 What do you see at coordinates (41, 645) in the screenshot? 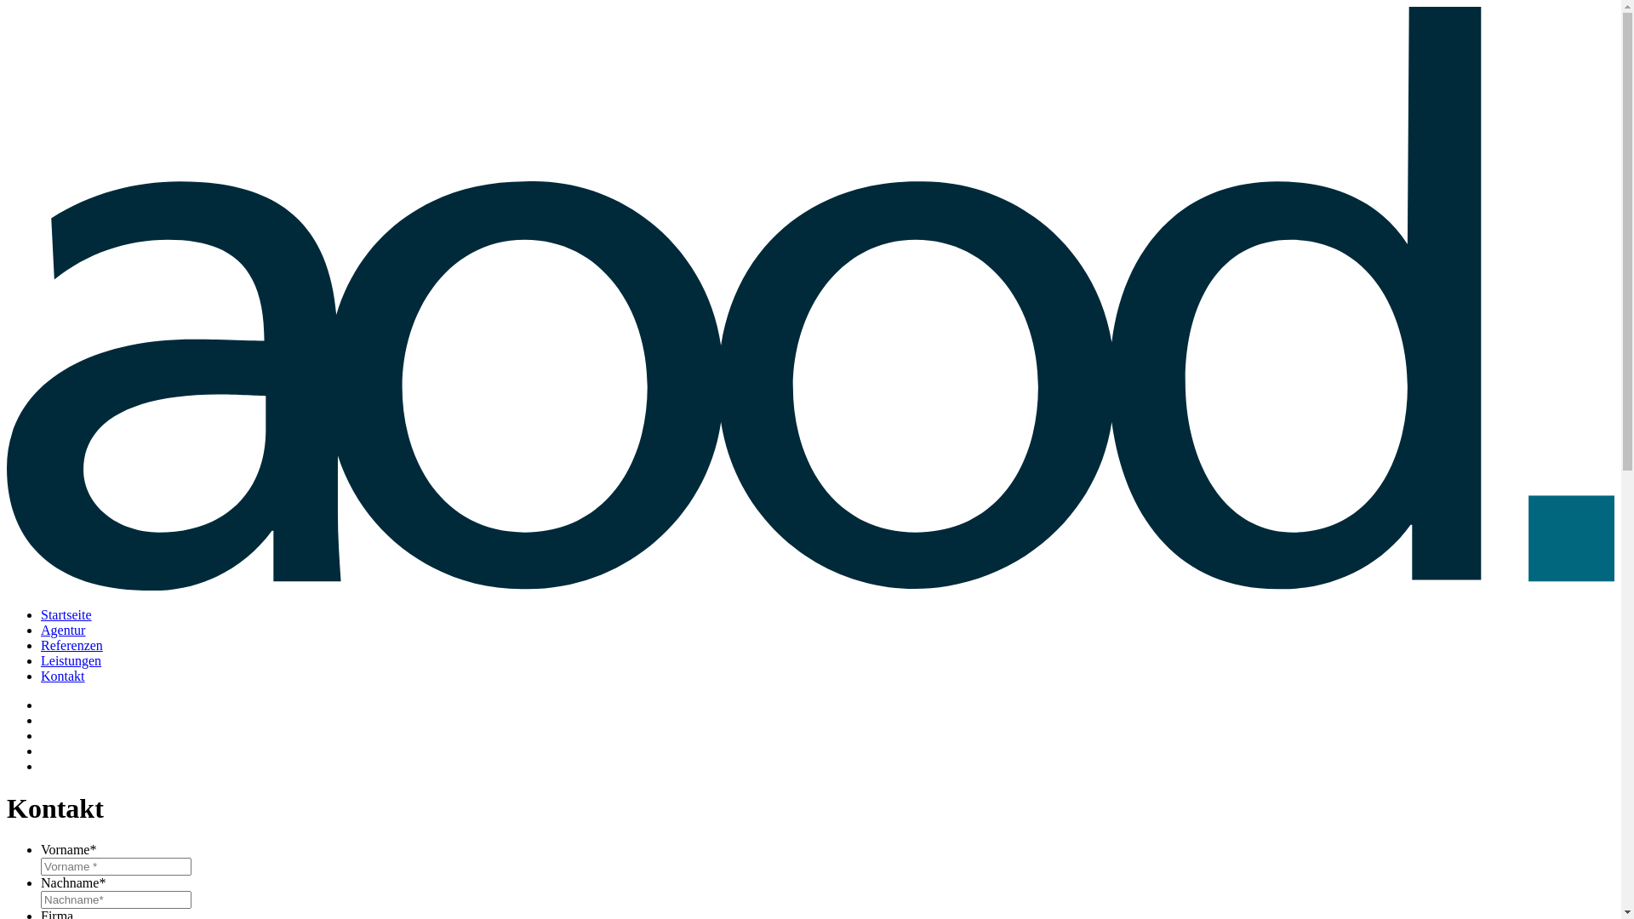
I see `'Referenzen'` at bounding box center [41, 645].